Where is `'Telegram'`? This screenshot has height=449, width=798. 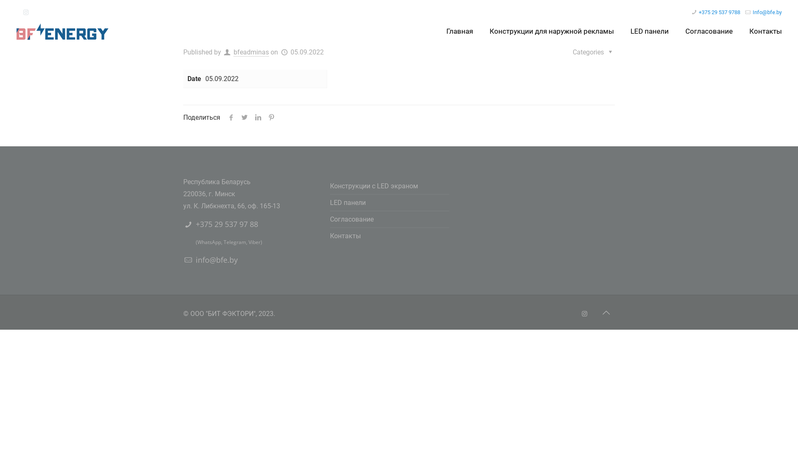
'Telegram' is located at coordinates (223, 242).